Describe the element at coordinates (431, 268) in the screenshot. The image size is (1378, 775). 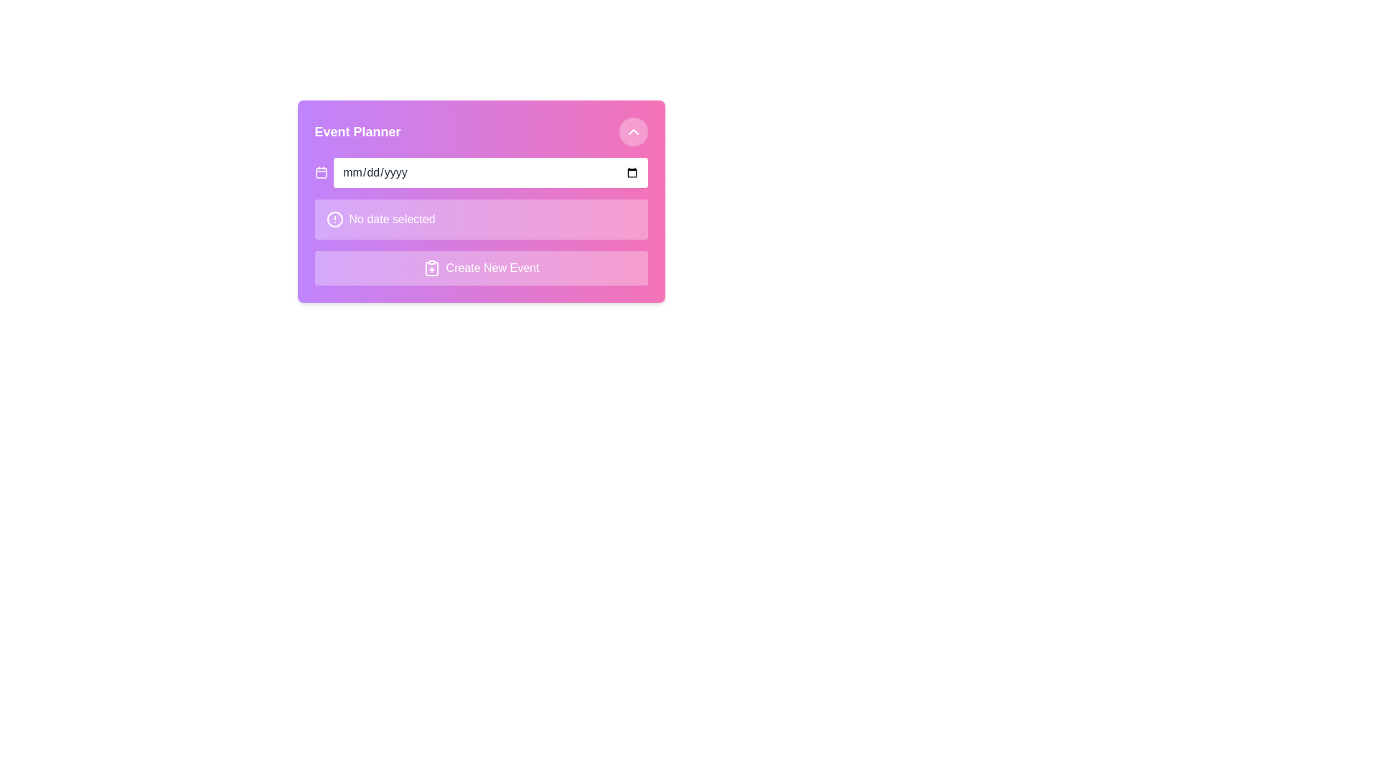
I see `the rounded rectangular icon with a clip-like glyph design, located near the 'Create New Event' label in the bottom section of the event form` at that location.